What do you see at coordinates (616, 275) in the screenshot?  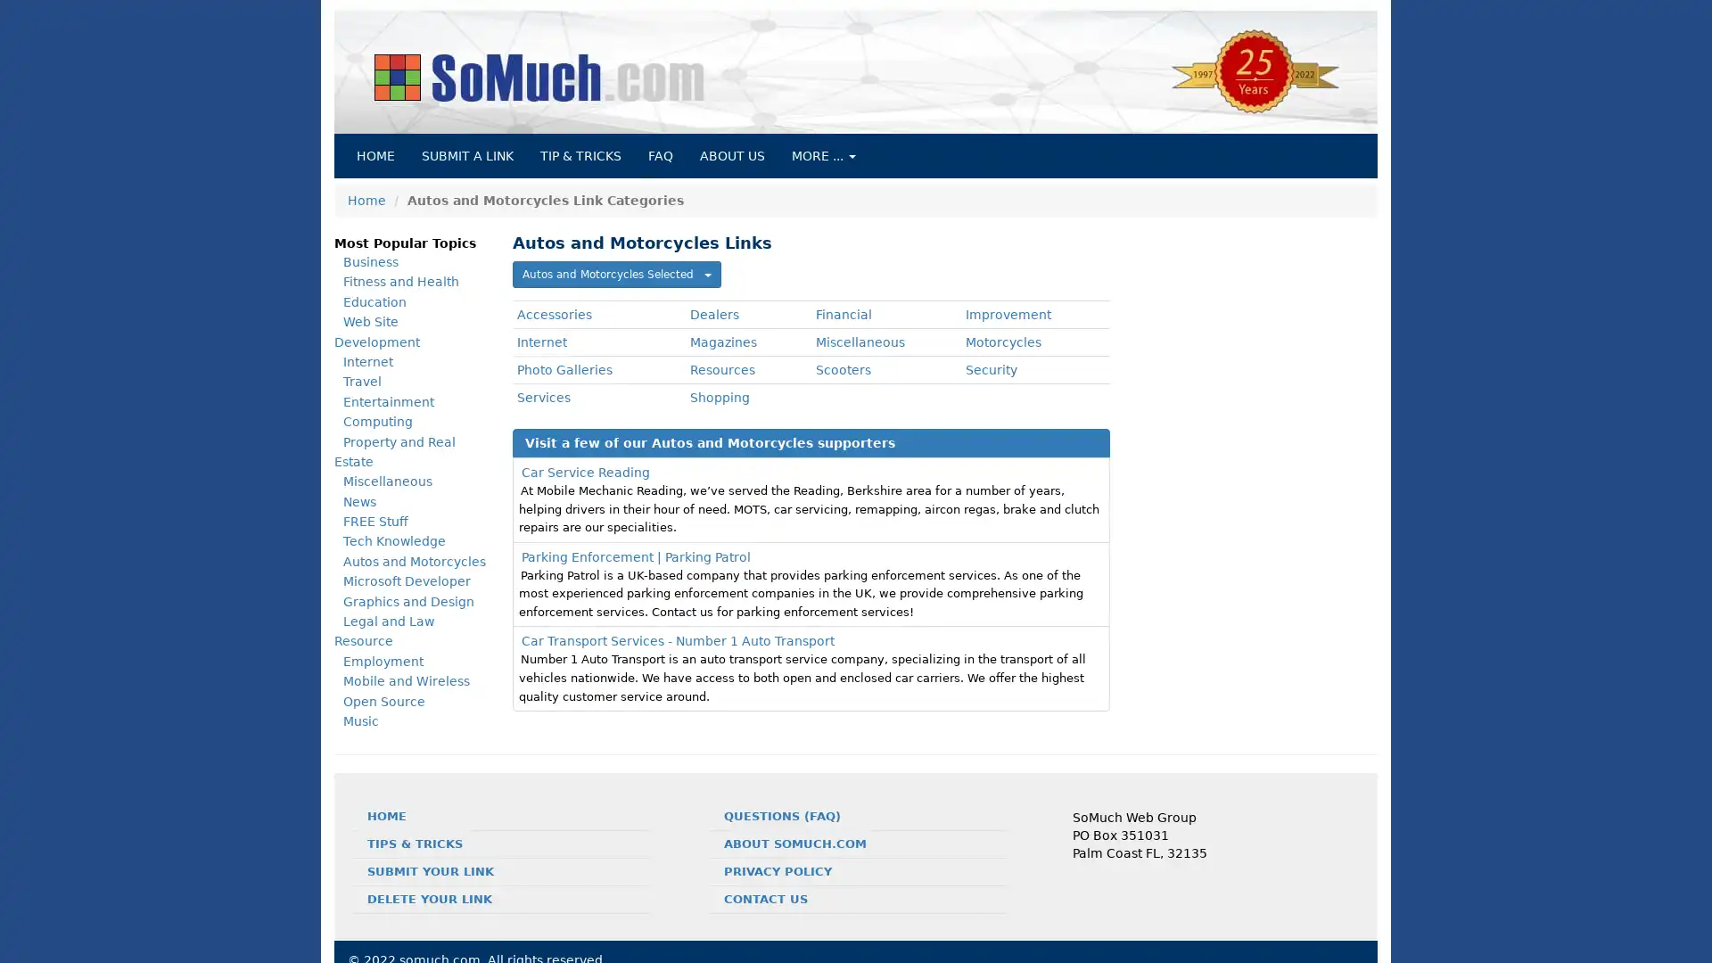 I see `Autos and Motorcycles Selected` at bounding box center [616, 275].